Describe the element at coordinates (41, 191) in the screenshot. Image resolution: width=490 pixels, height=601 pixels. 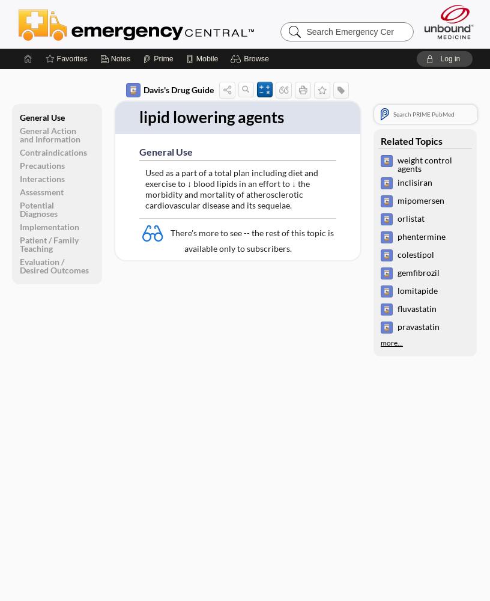
I see `'Assessment'` at that location.